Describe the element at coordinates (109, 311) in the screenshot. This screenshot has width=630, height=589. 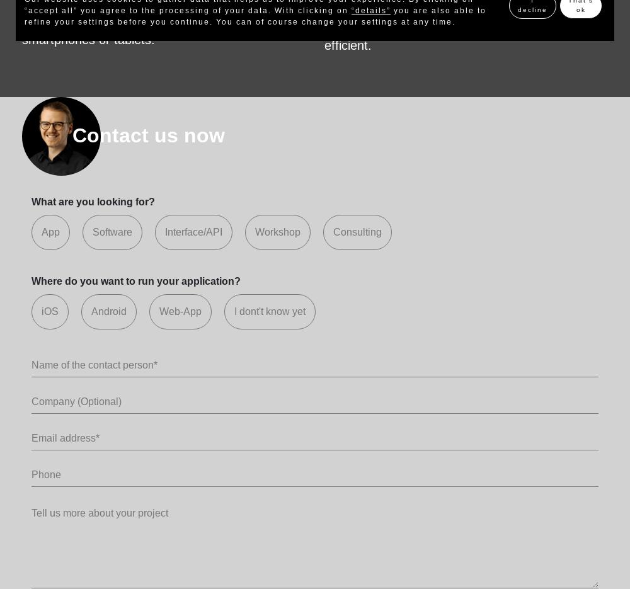
I see `'Android'` at that location.